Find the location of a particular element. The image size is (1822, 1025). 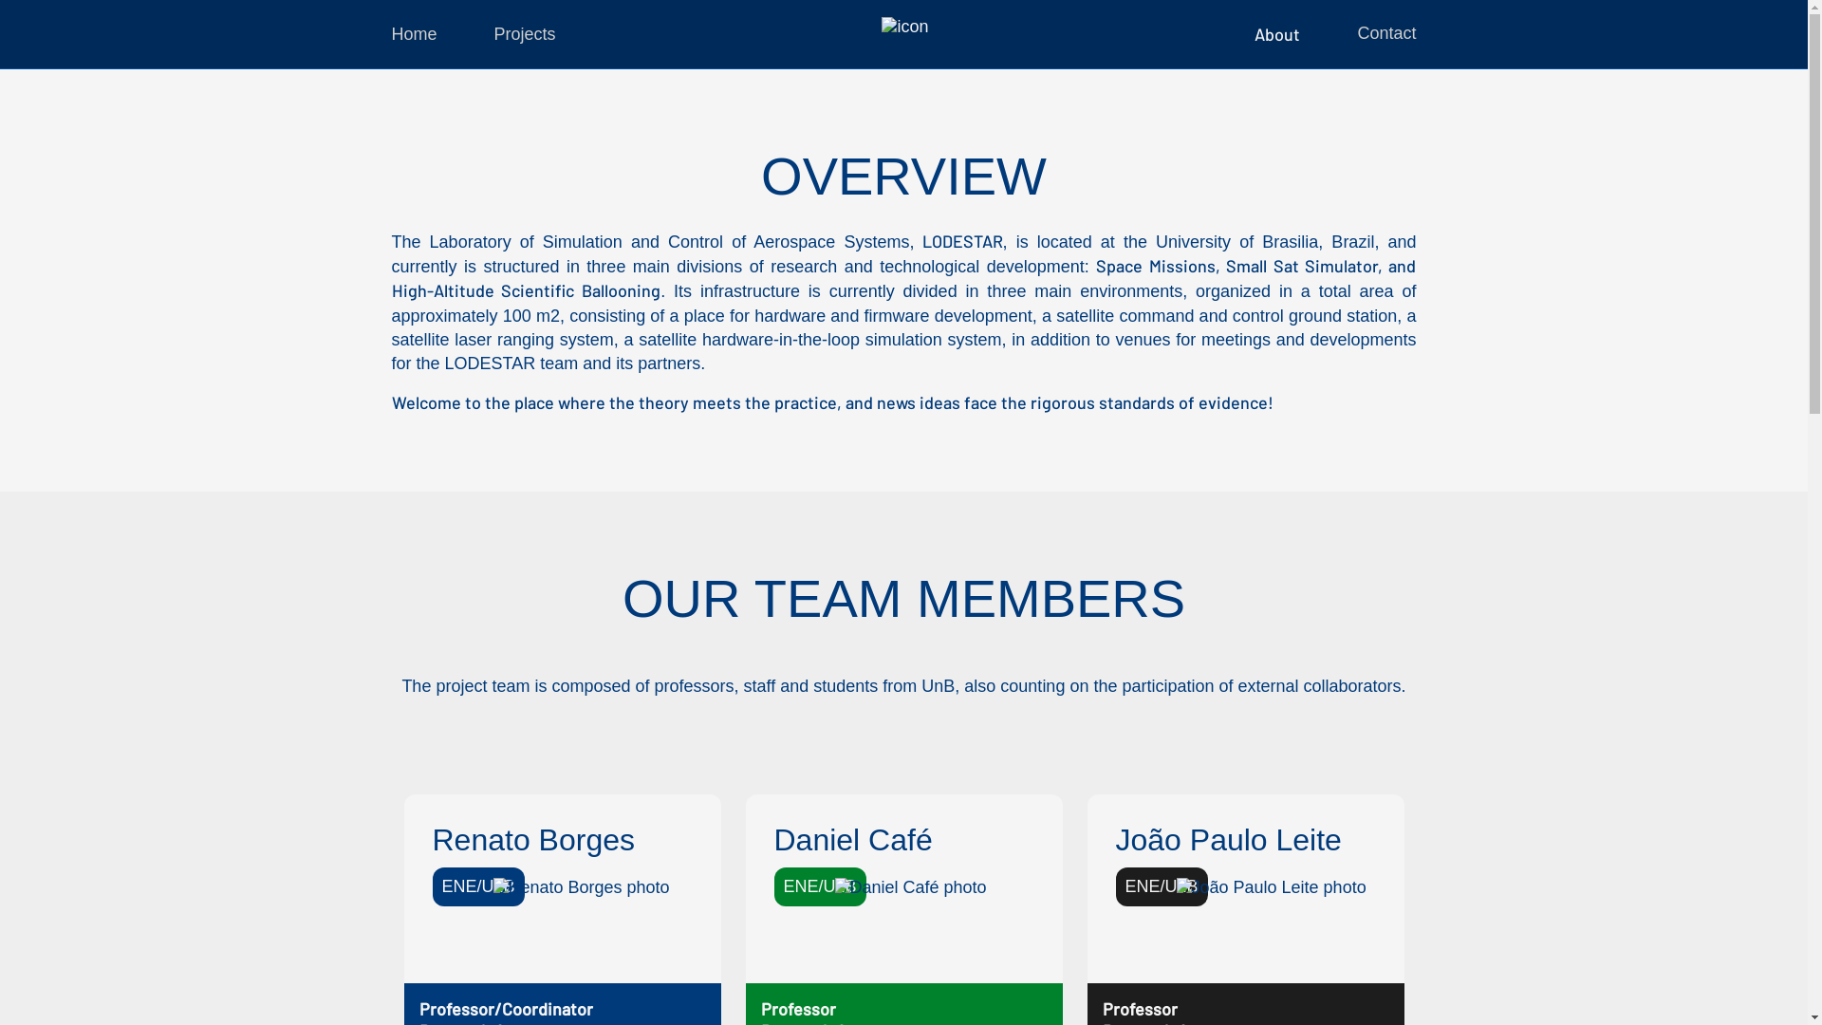

'About' is located at coordinates (1276, 33).